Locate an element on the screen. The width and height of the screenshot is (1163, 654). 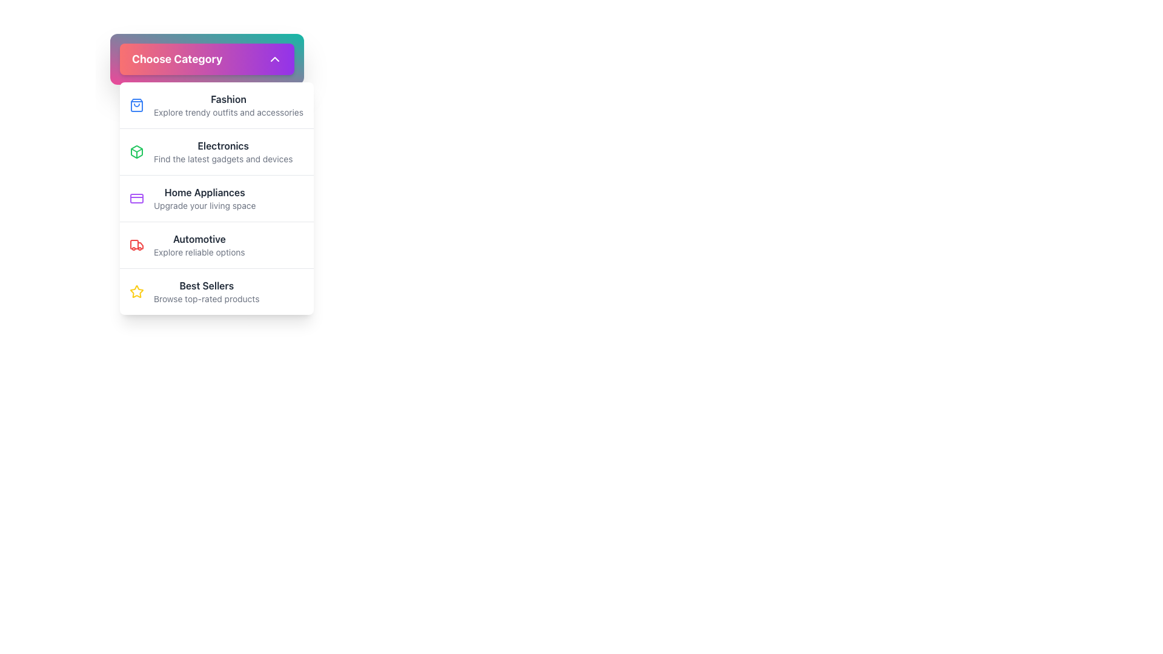
the first list item in the category selection, which displays a blue shopping bag icon on the left and the text 'Fashion' with the subtitle 'Explore trendy outfits and accessories' on the right is located at coordinates (217, 104).